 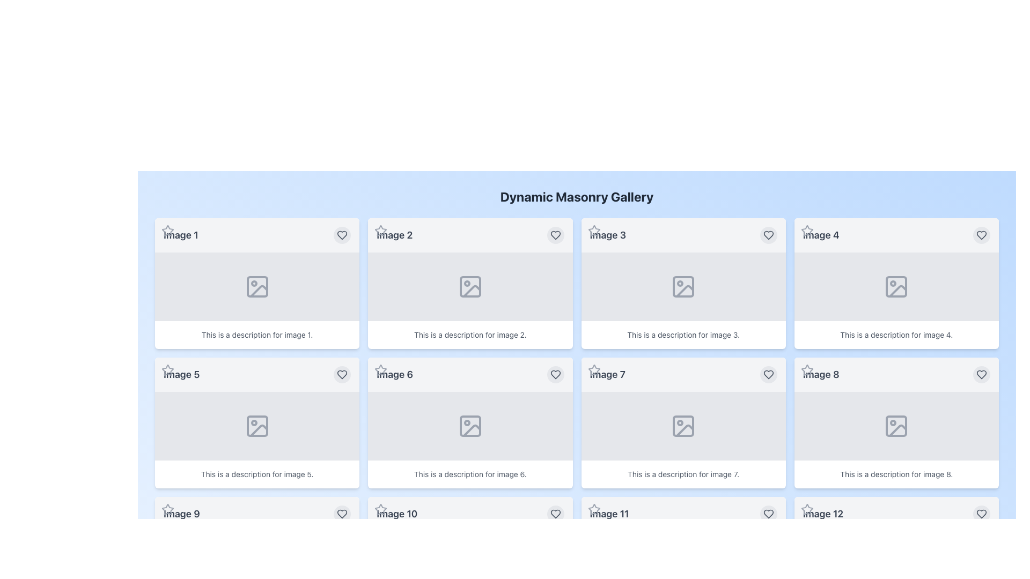 What do you see at coordinates (683, 473) in the screenshot?
I see `text segment displaying 'This is a description for image 7.' located at the bottom of the card labeled 'Image 7' in the dynamic grid gallery` at bounding box center [683, 473].